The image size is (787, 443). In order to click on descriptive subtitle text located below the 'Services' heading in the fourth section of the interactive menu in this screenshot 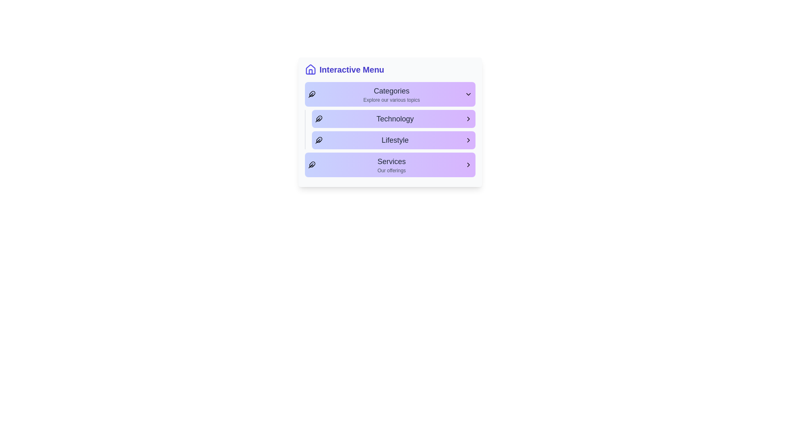, I will do `click(391, 170)`.